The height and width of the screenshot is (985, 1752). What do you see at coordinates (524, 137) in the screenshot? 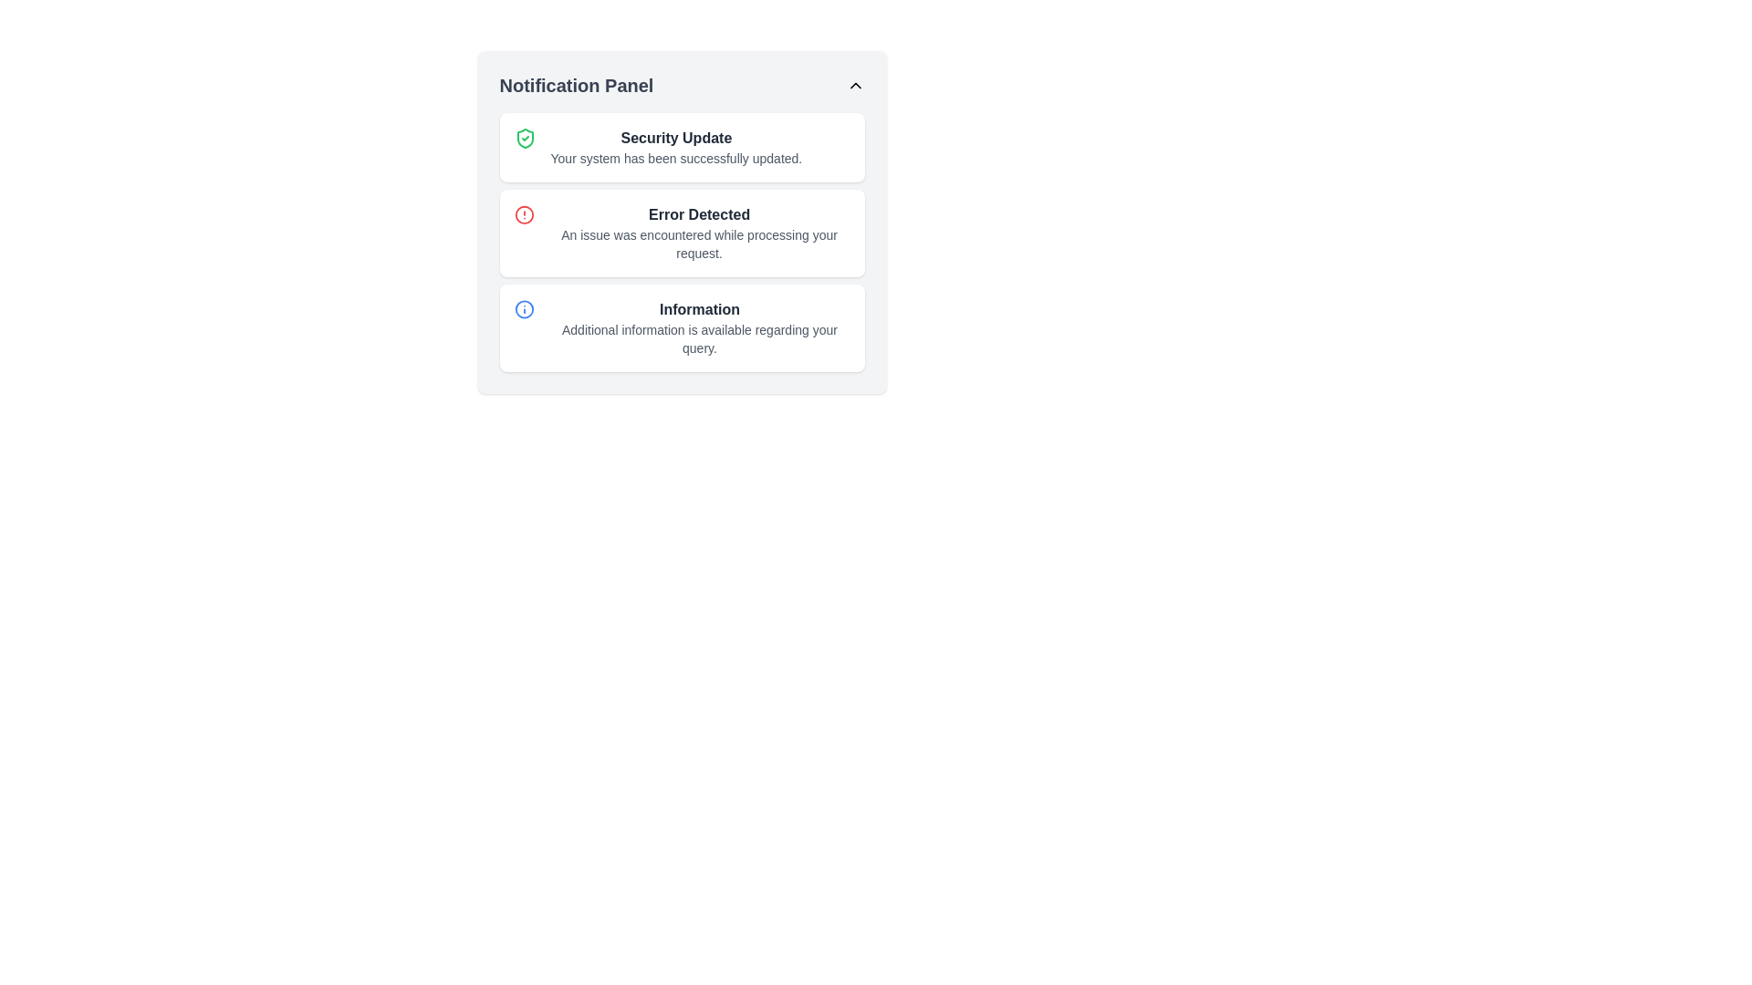
I see `the shield-shaped icon with a checkmark inside, which is colored green and indicates a positive status, located in the notification panel under 'Security Update Your system has been successfully updated'` at bounding box center [524, 137].